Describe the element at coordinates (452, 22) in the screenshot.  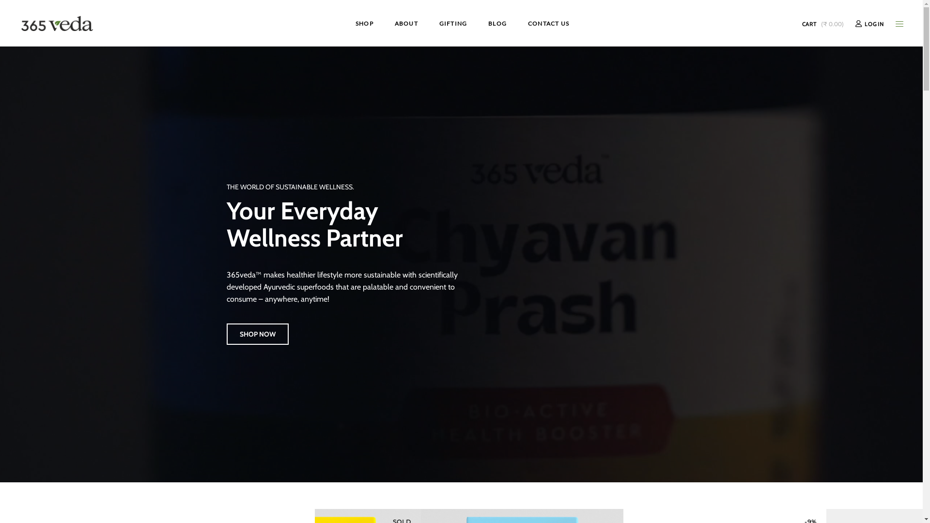
I see `'GIFTING'` at that location.